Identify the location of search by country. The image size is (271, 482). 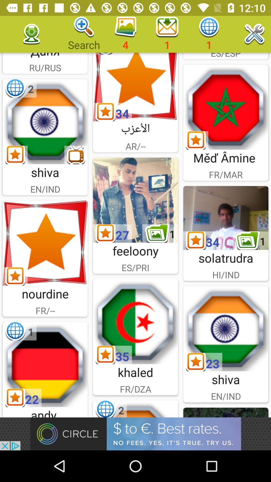
(135, 322).